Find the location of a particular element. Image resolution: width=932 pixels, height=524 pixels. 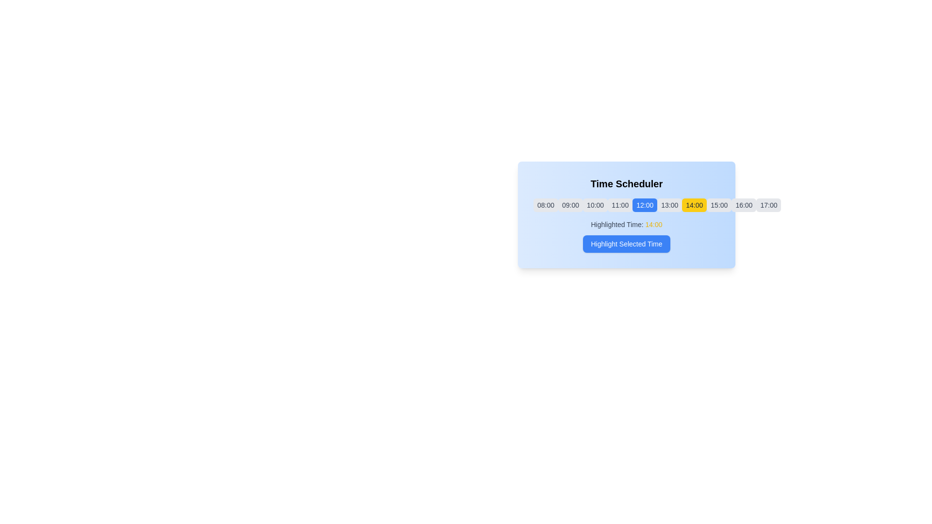

the text label that serves as the heading for the time management interface, positioned at the topmost center of its card-style panel with a blue gradient background is located at coordinates (627, 183).